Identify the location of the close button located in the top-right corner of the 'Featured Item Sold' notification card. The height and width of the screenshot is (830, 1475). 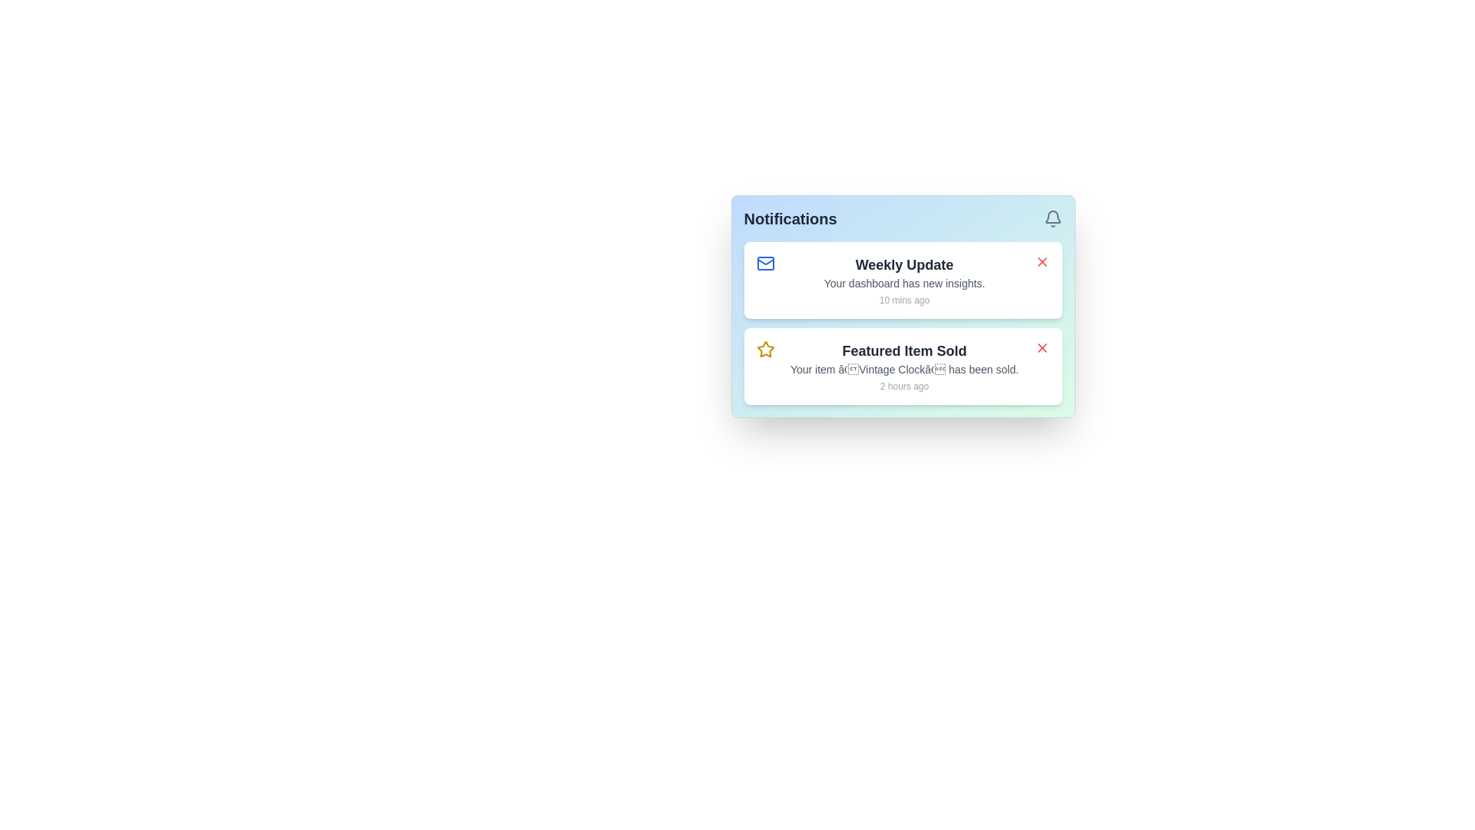
(1042, 347).